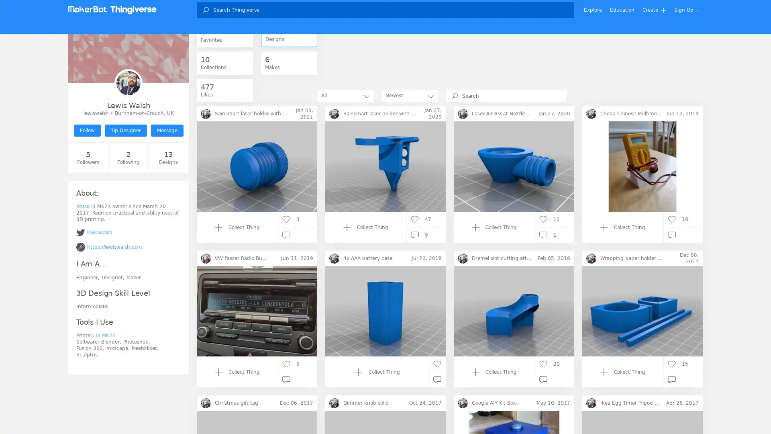 This screenshot has width=771, height=434. I want to click on Newest, so click(409, 96).